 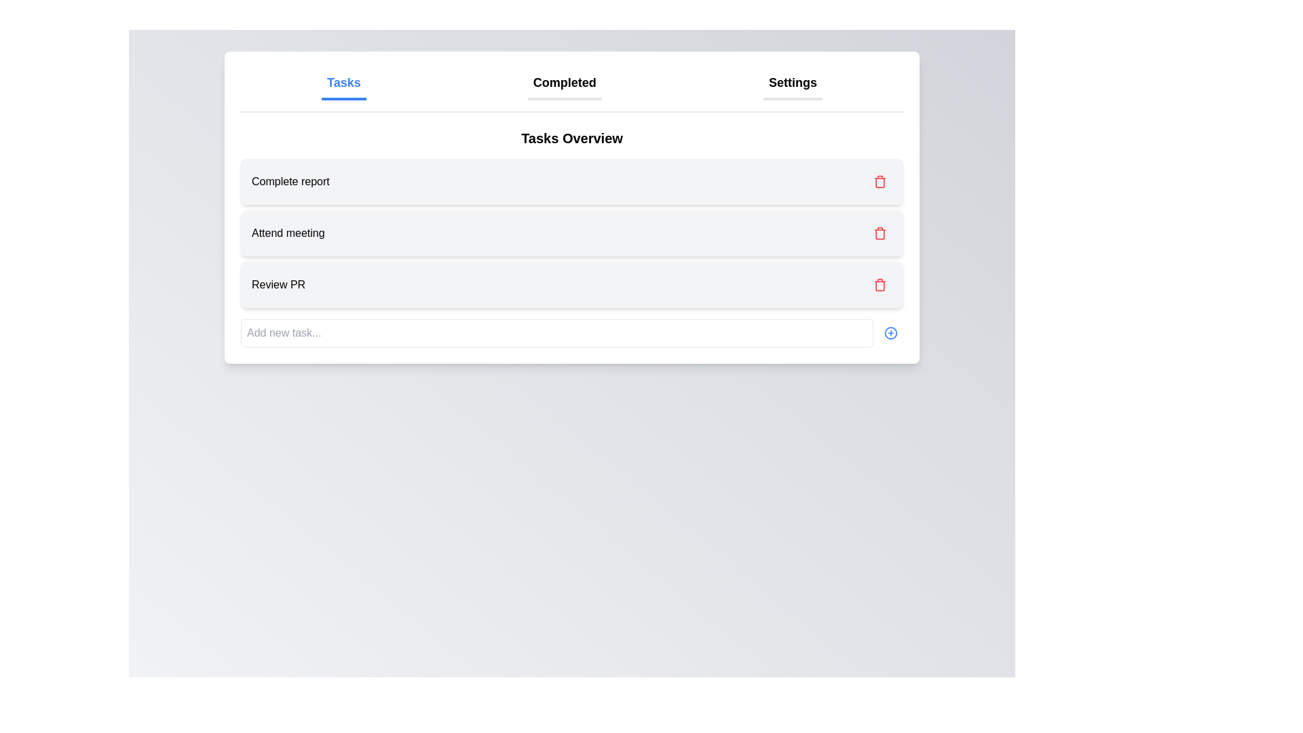 I want to click on the circular button with a blue outline and a '+' symbol located at the far-right edge of the input field labeled 'Add new task...' in the 'Tasks Overview' panel, so click(x=891, y=333).